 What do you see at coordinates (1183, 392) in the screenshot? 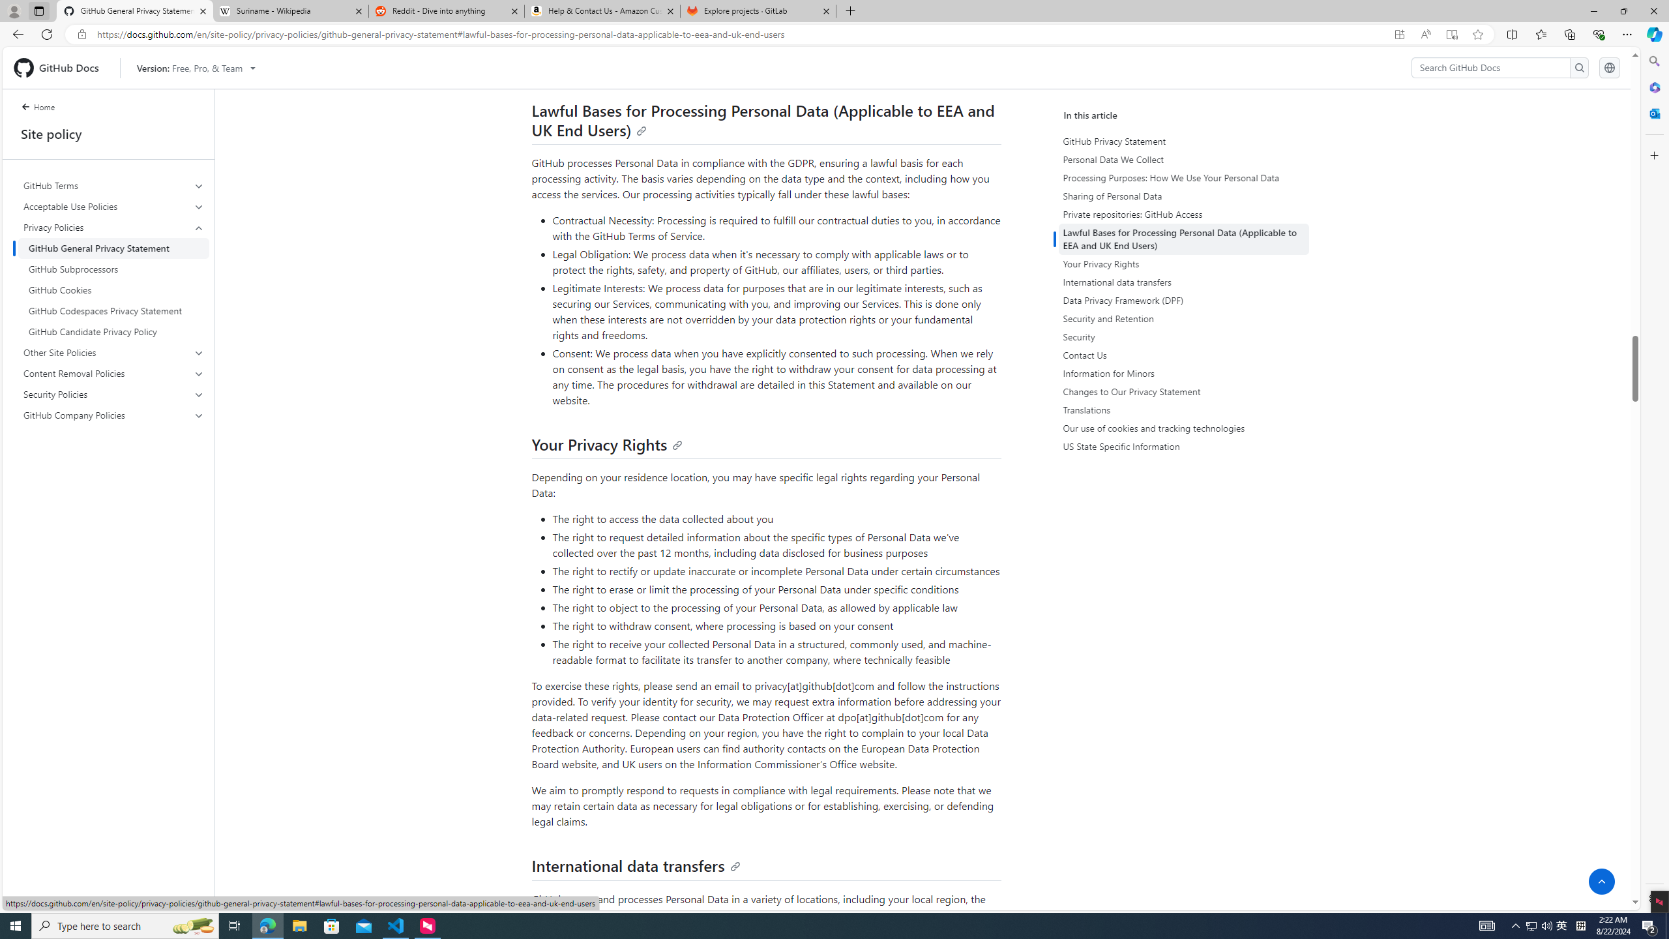
I see `'Changes to Our Privacy Statement'` at bounding box center [1183, 392].